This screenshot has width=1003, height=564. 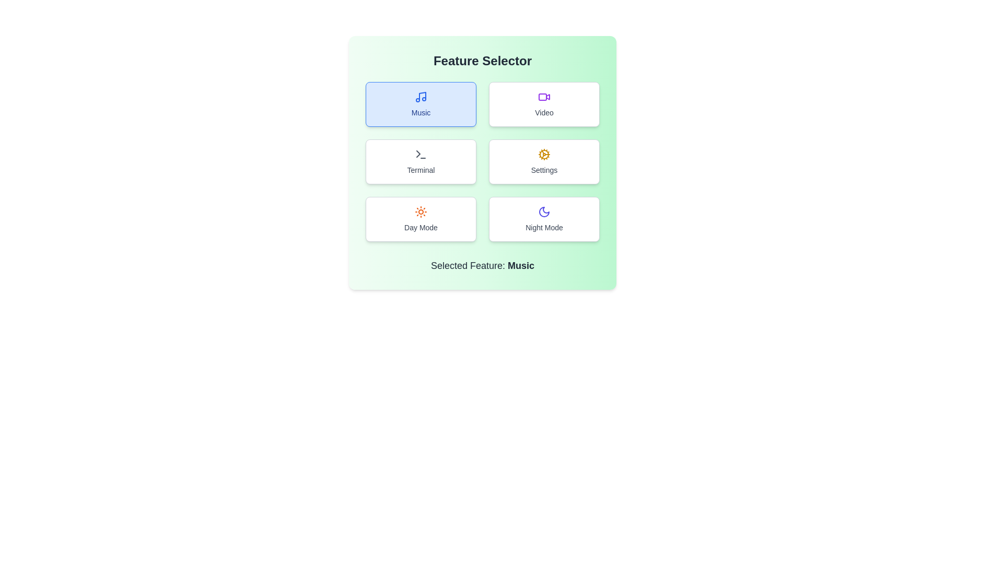 What do you see at coordinates (421, 227) in the screenshot?
I see `the 'Day Mode' static text label, which serves as the visual indicator for the selectable option in the grid layout, located centrally within its card beneath an orange sun-shaped icon` at bounding box center [421, 227].